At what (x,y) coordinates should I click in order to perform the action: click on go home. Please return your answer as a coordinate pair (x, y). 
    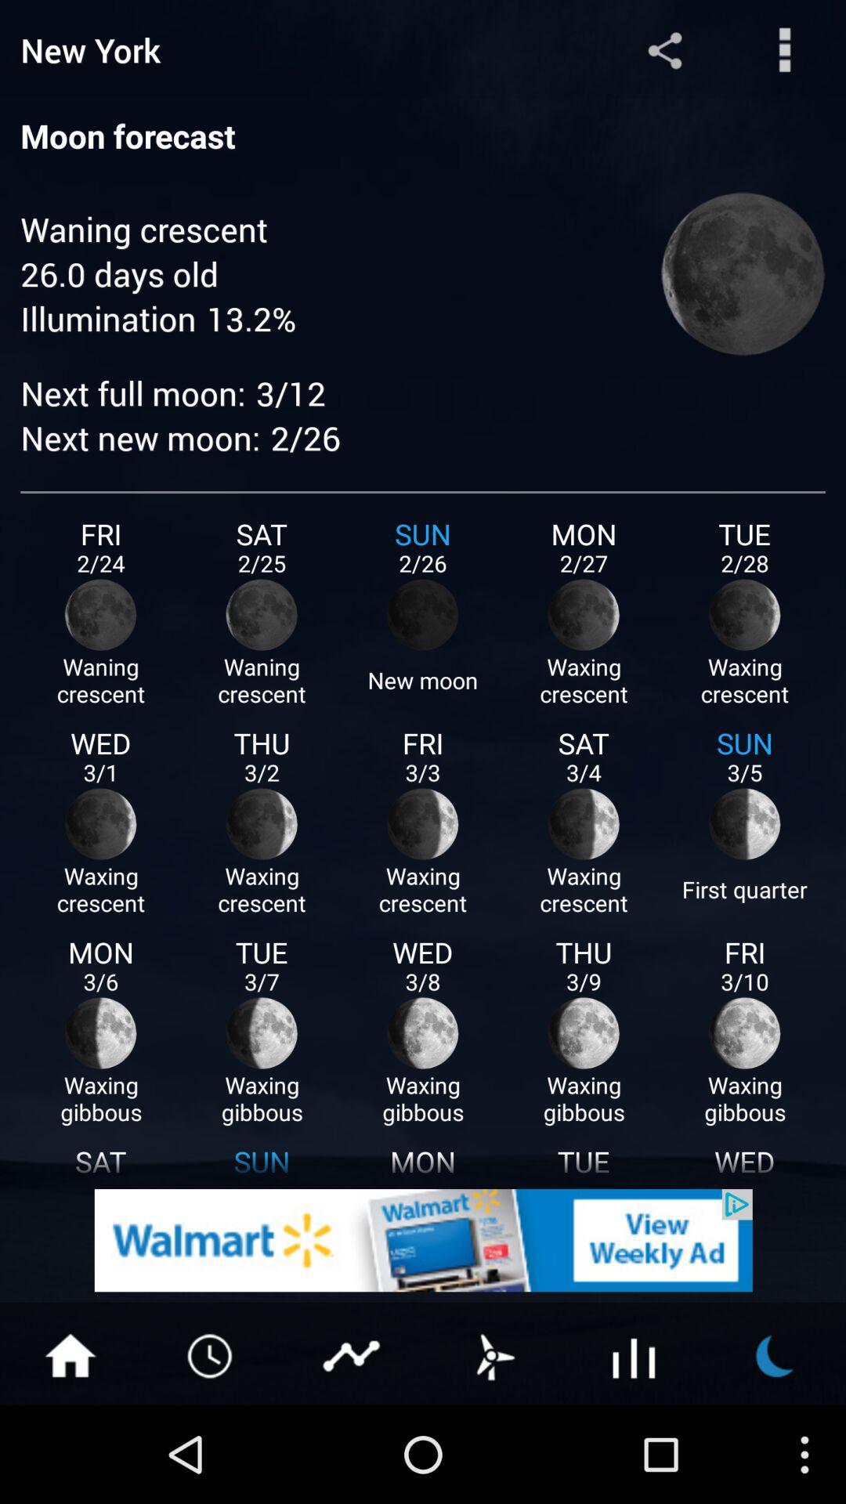
    Looking at the image, I should click on (69, 1354).